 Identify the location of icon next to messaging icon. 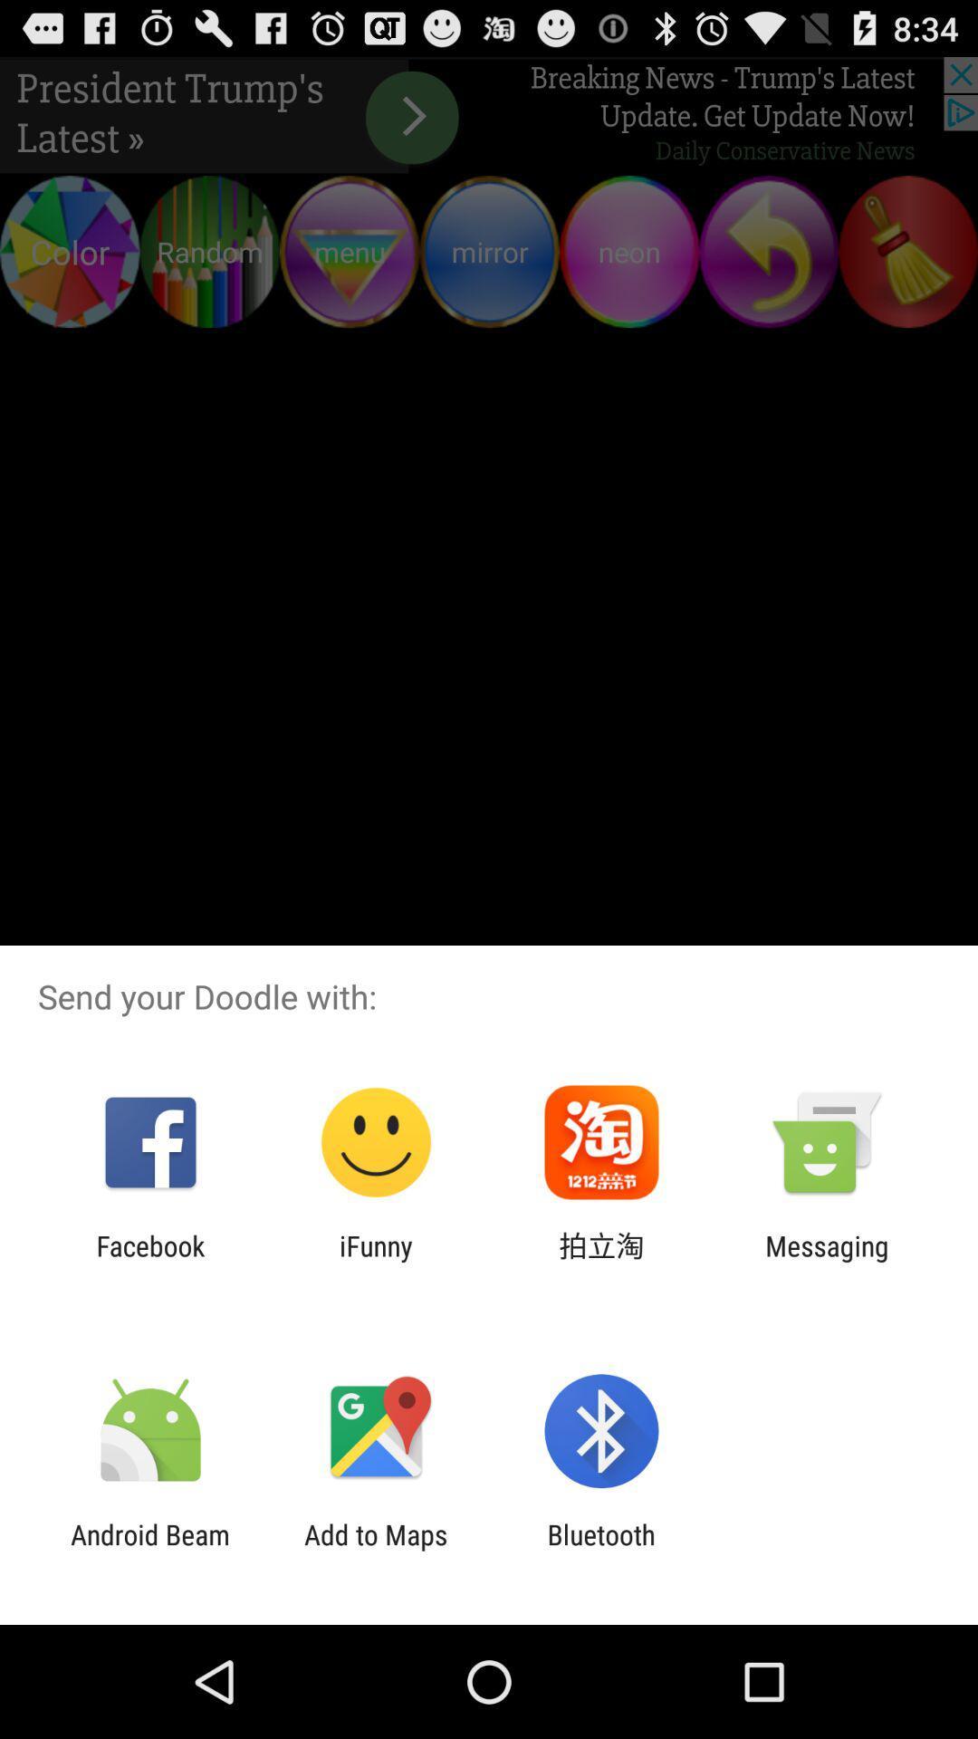
(601, 1261).